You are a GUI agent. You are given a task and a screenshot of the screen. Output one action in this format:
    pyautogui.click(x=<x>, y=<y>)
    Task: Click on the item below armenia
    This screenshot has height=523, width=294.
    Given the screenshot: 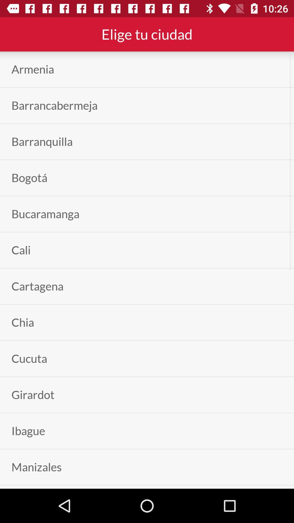 What is the action you would take?
    pyautogui.click(x=54, y=105)
    